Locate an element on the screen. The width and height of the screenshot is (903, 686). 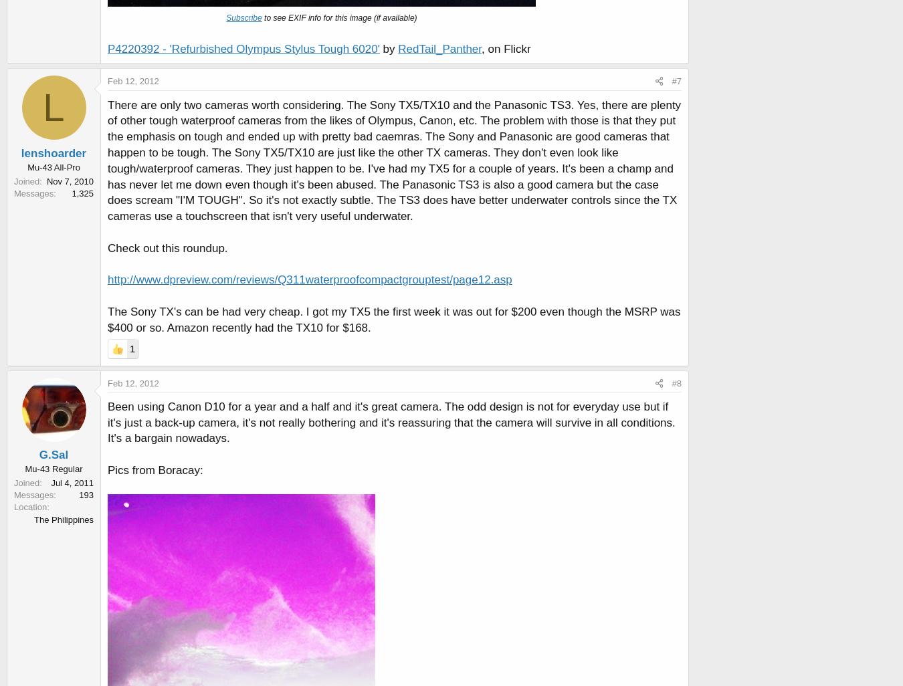
'193' is located at coordinates (86, 495).